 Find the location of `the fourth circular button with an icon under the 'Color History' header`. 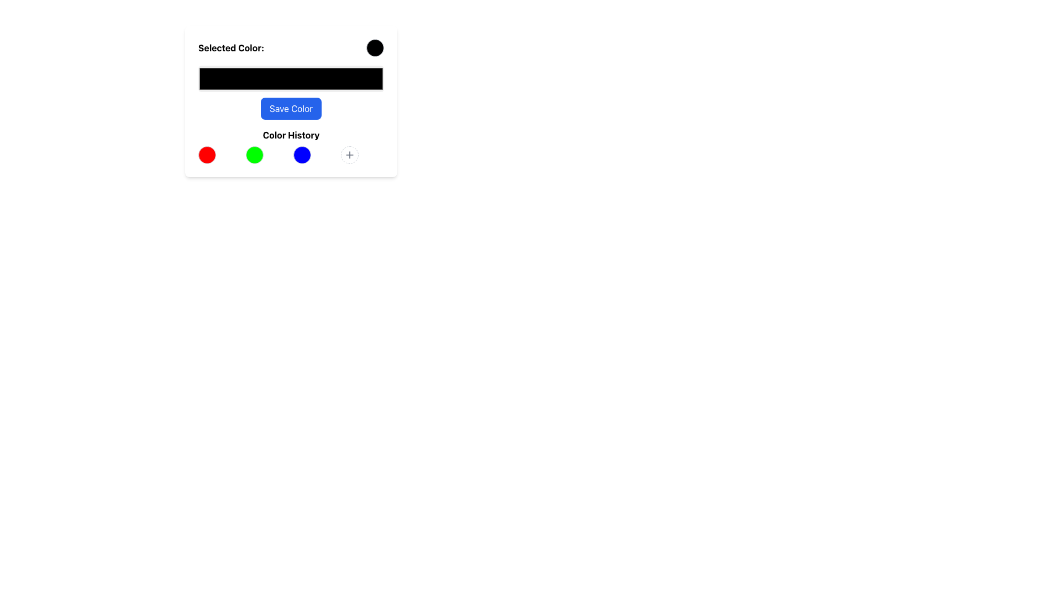

the fourth circular button with an icon under the 'Color History' header is located at coordinates (349, 155).